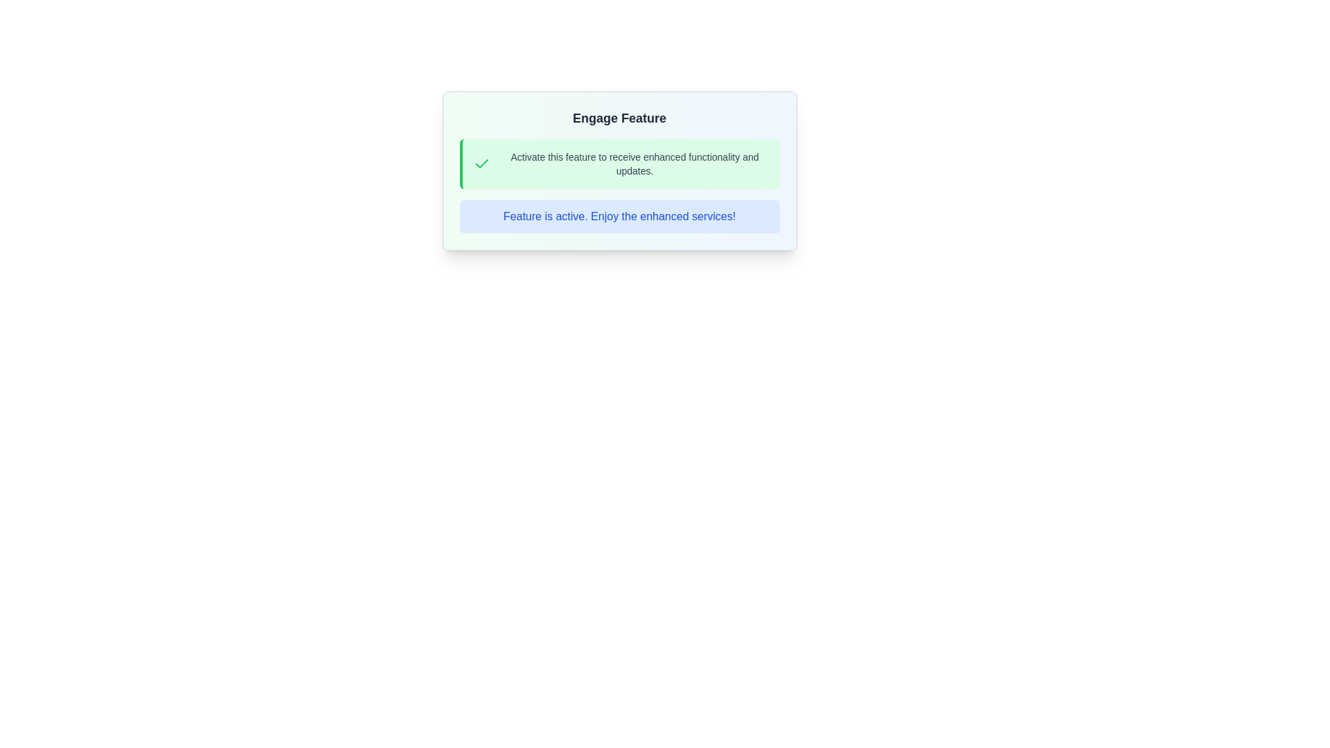 This screenshot has height=748, width=1330. I want to click on the Informational Banner that indicates the ability to activate a feature, which has a green checkmark and descriptive text, located below the title 'Engage Feature', so click(619, 163).